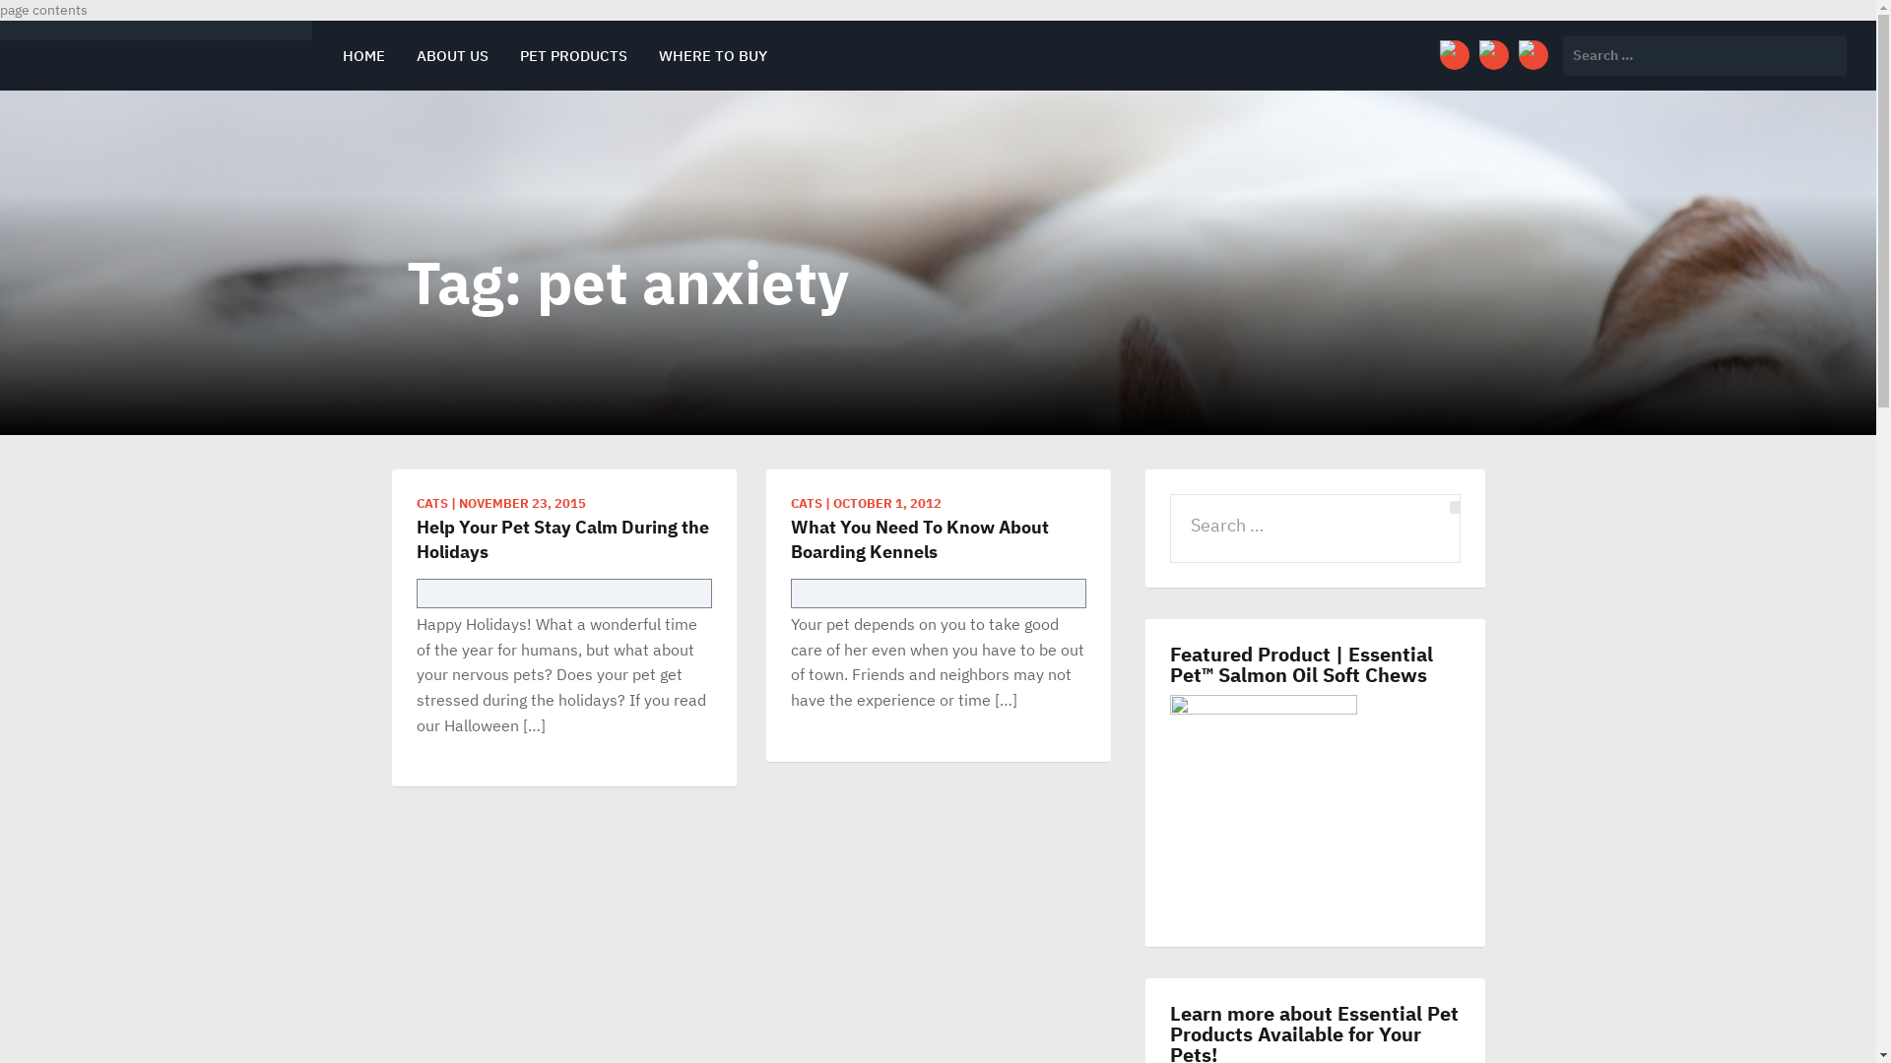 Image resolution: width=1891 pixels, height=1063 pixels. Describe the element at coordinates (712, 54) in the screenshot. I see `'WHERE TO BUY'` at that location.